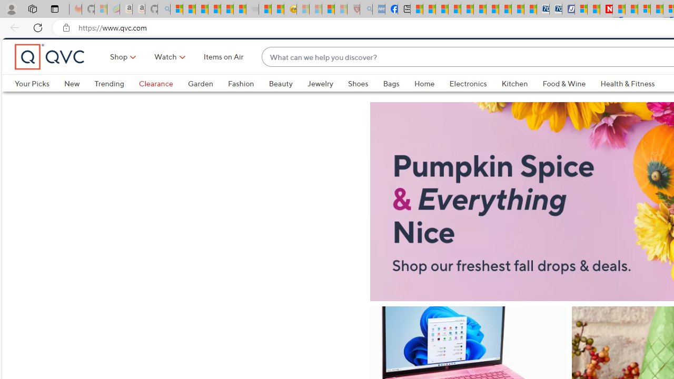 The width and height of the screenshot is (674, 379). I want to click on 'Food & Wine', so click(564, 101).